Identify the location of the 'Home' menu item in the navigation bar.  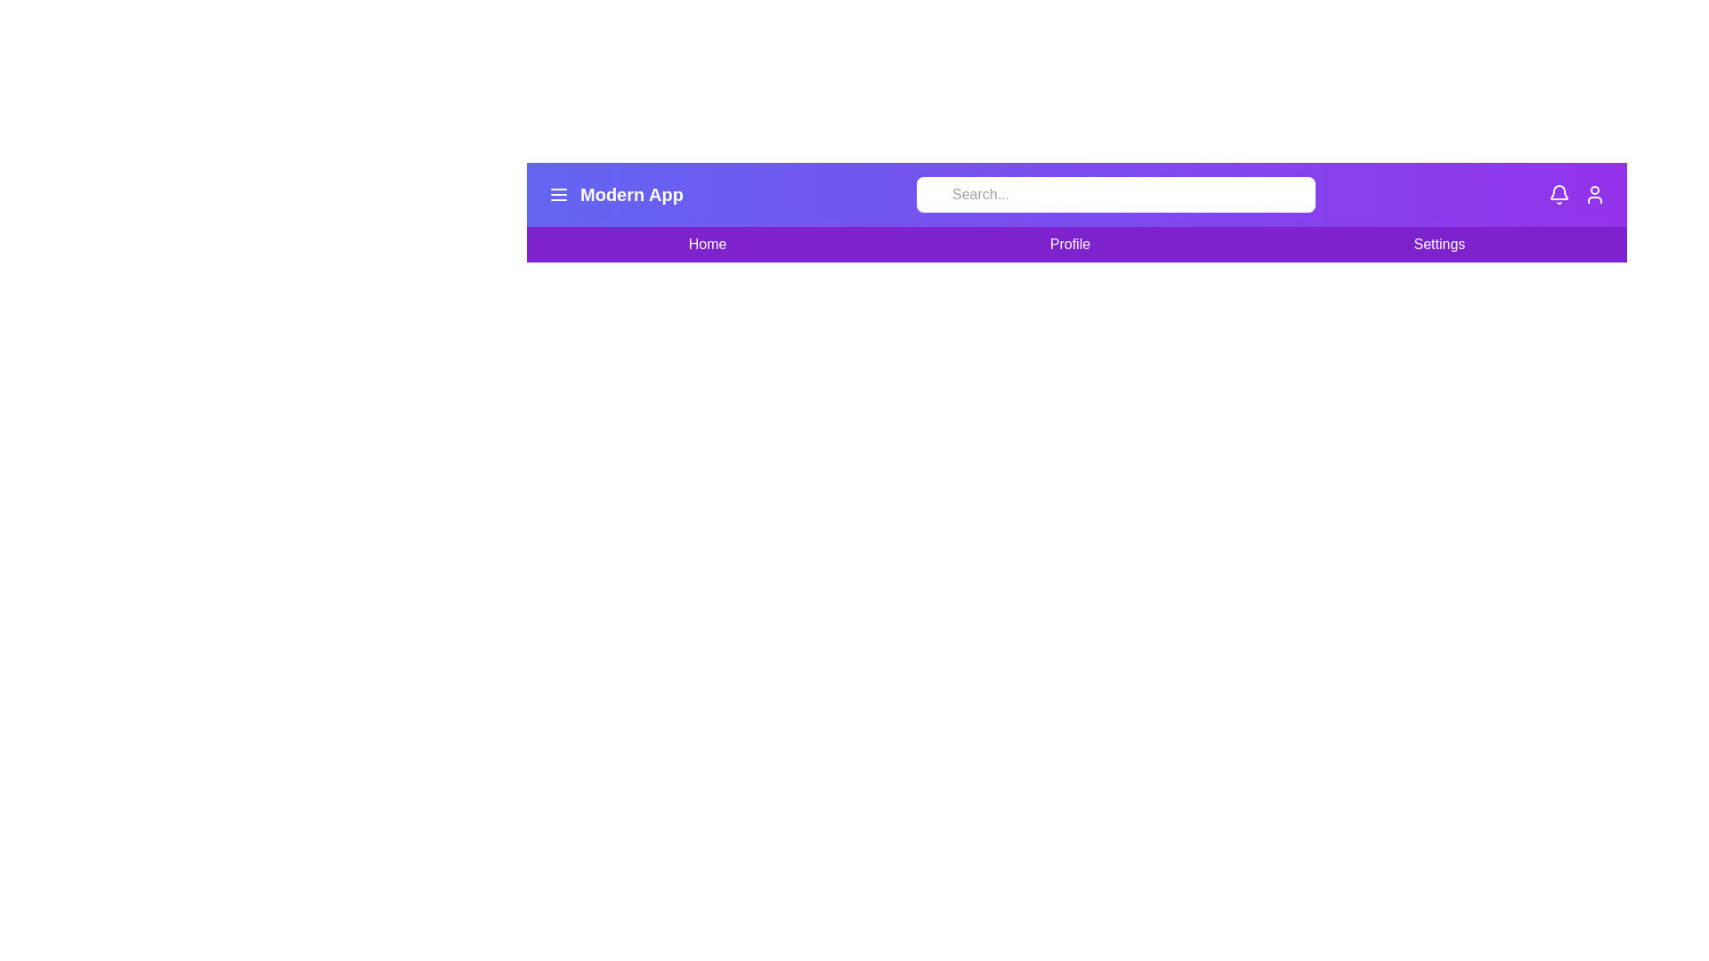
(707, 244).